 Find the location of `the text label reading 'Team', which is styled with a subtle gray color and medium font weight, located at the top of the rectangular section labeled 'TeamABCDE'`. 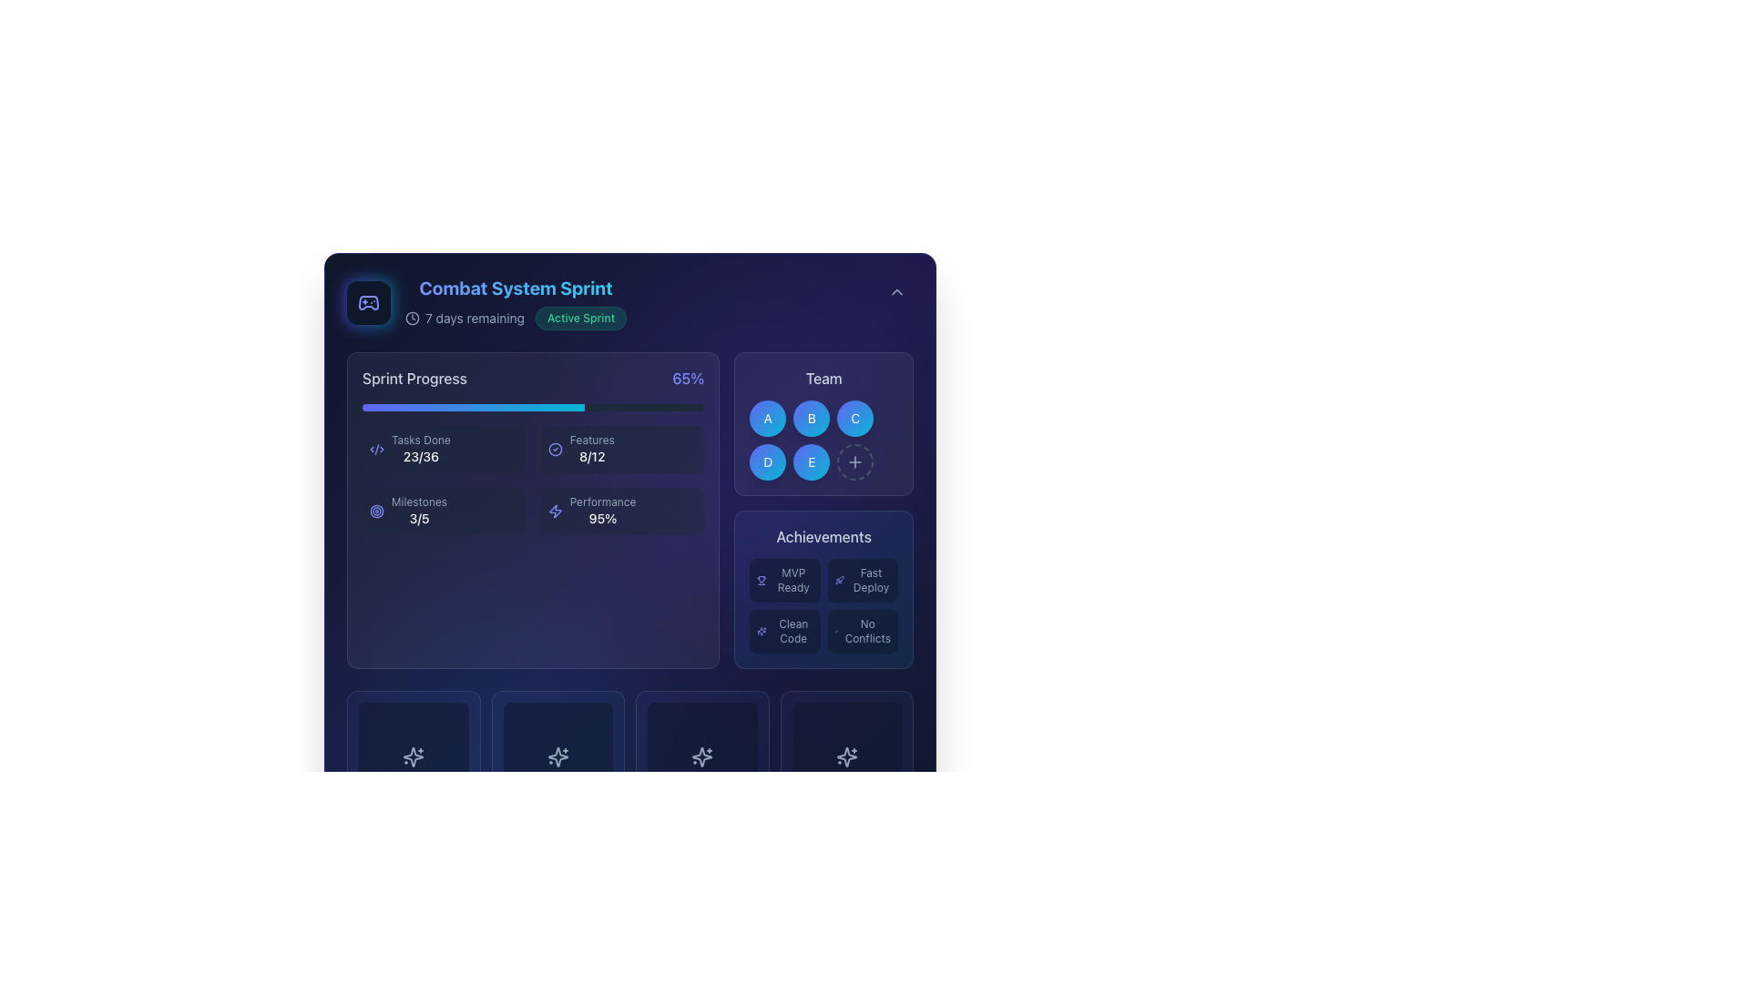

the text label reading 'Team', which is styled with a subtle gray color and medium font weight, located at the top of the rectangular section labeled 'TeamABCDE' is located at coordinates (823, 378).